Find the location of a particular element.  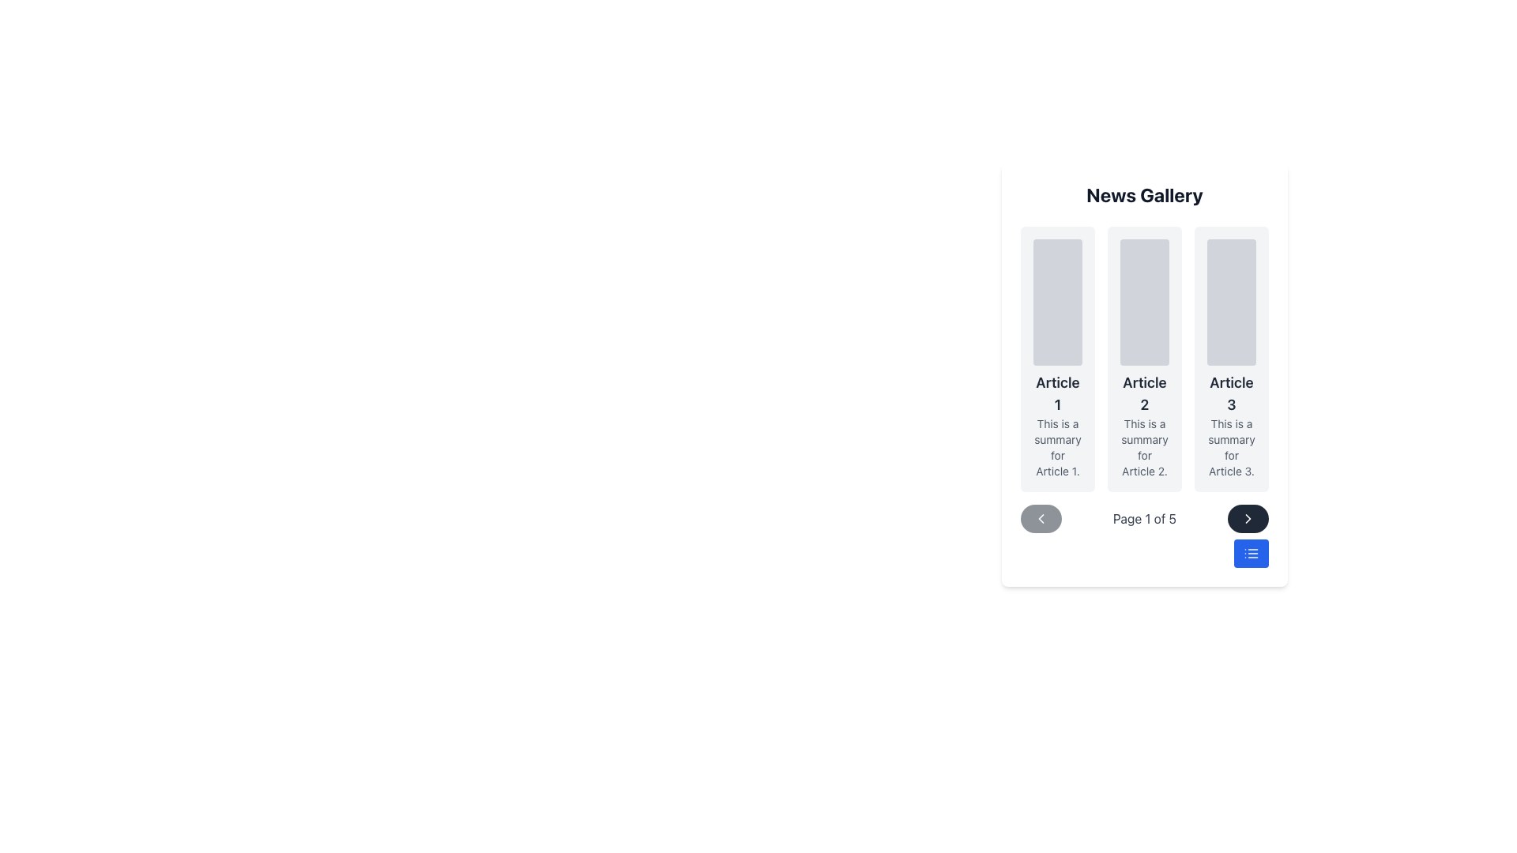

the Text Label that serves as the title of an article, positioned below an image placeholder and above a summary text within a card layout in a horizontally scrolled gallery is located at coordinates (1231, 393).